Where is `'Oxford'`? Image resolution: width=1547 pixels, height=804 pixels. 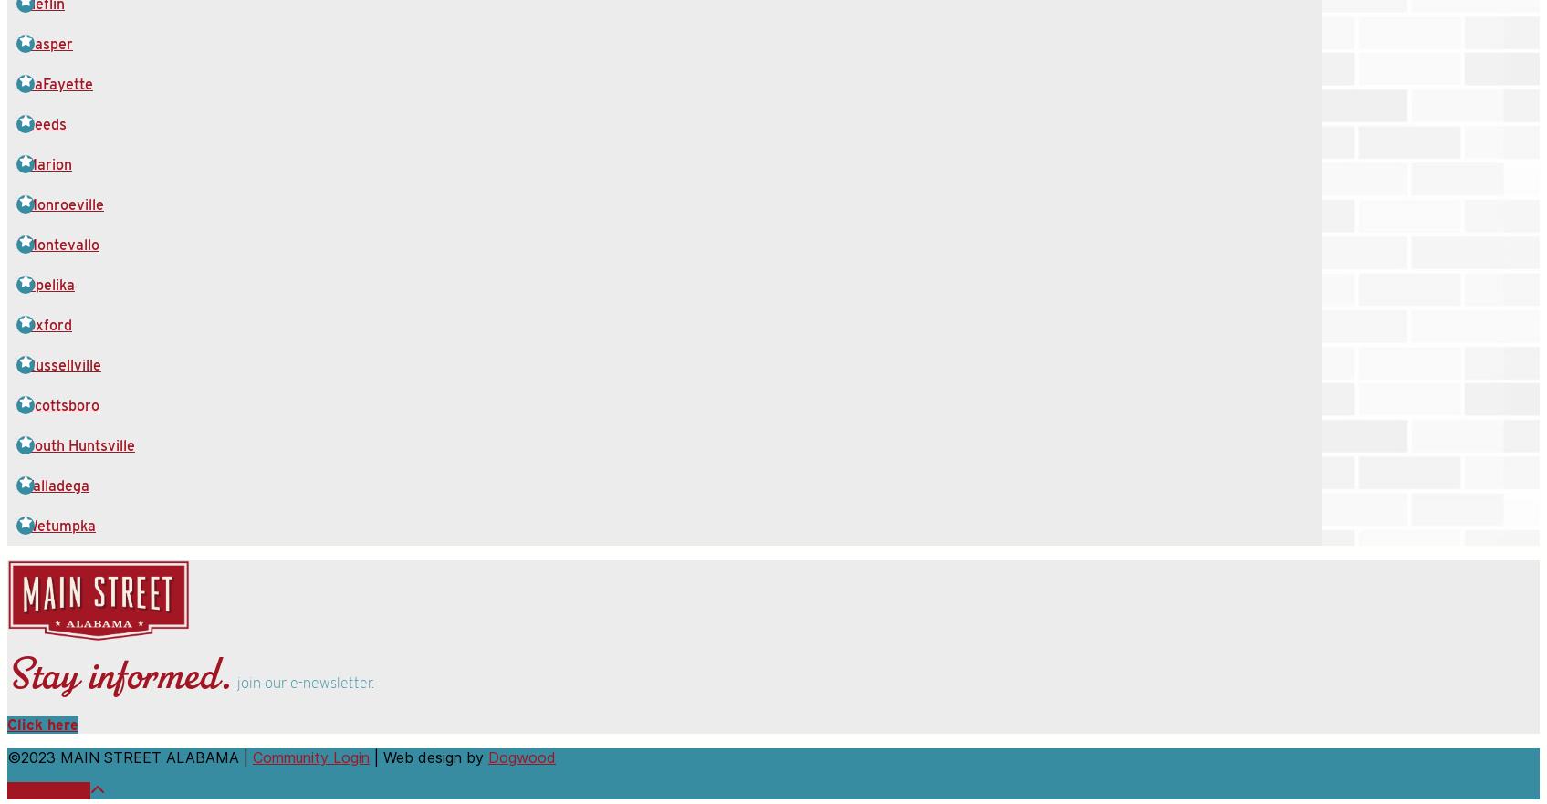 'Oxford' is located at coordinates (48, 324).